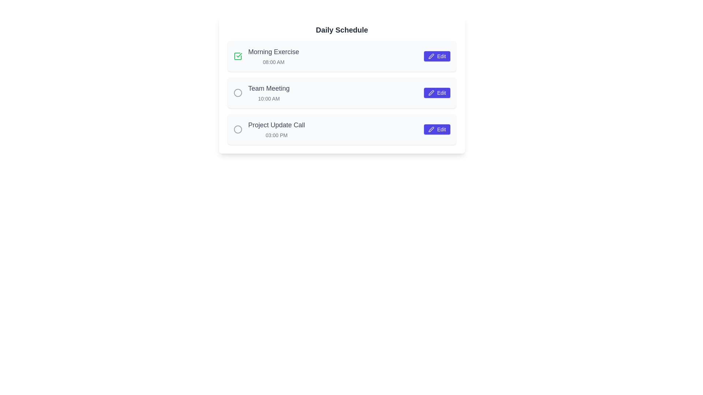 This screenshot has width=703, height=395. Describe the element at coordinates (431, 93) in the screenshot. I see `the pen icon associated with the 'Edit' button for the 'Team Meeting' entry` at that location.